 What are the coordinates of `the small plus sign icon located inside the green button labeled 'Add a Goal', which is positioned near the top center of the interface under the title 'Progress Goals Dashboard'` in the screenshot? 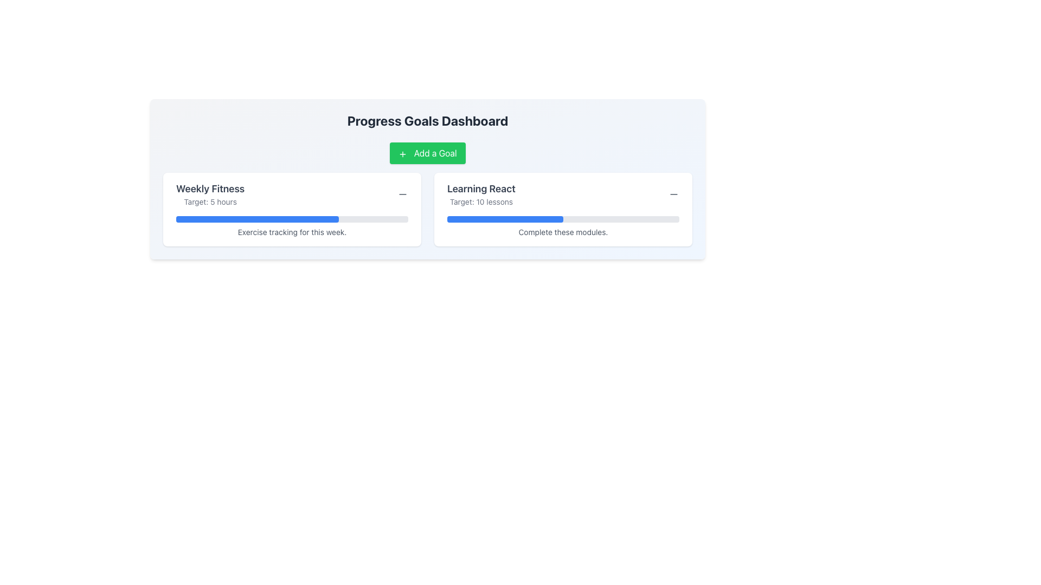 It's located at (402, 154).